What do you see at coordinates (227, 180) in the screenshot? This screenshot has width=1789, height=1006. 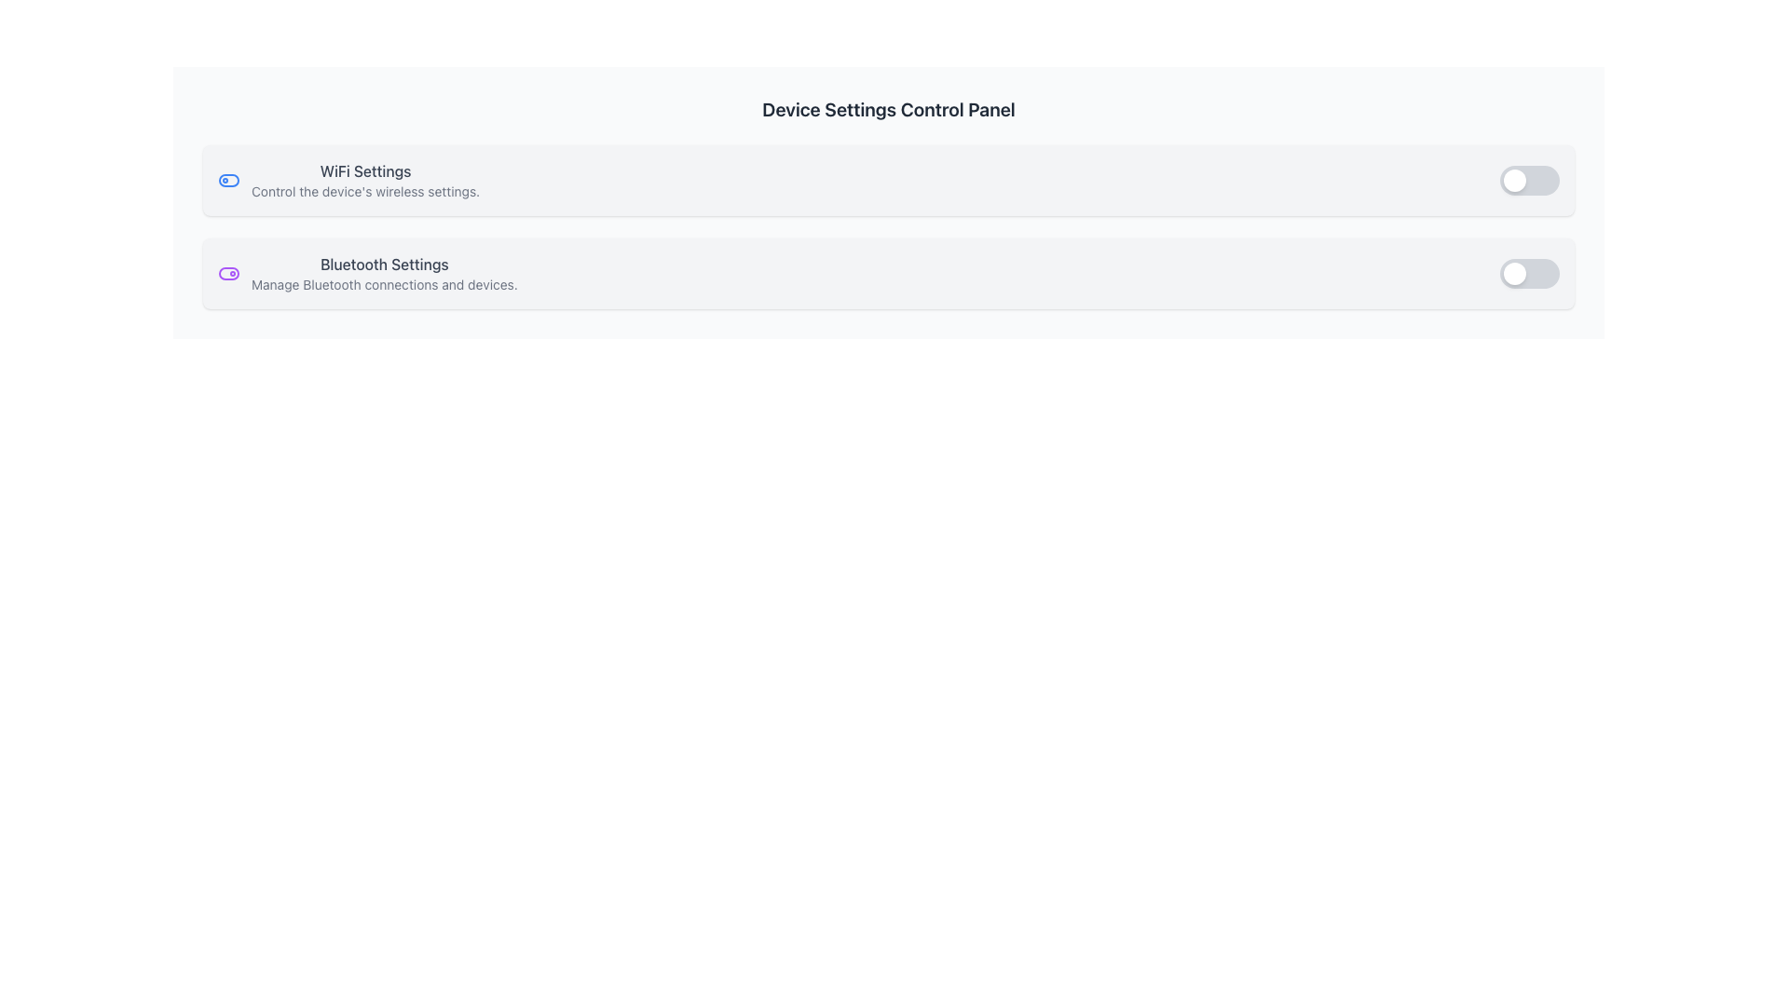 I see `state changes on the blue rectangular toggle button with rounded corners located at the top-right corner of the 'WiFi Settings' row` at bounding box center [227, 180].